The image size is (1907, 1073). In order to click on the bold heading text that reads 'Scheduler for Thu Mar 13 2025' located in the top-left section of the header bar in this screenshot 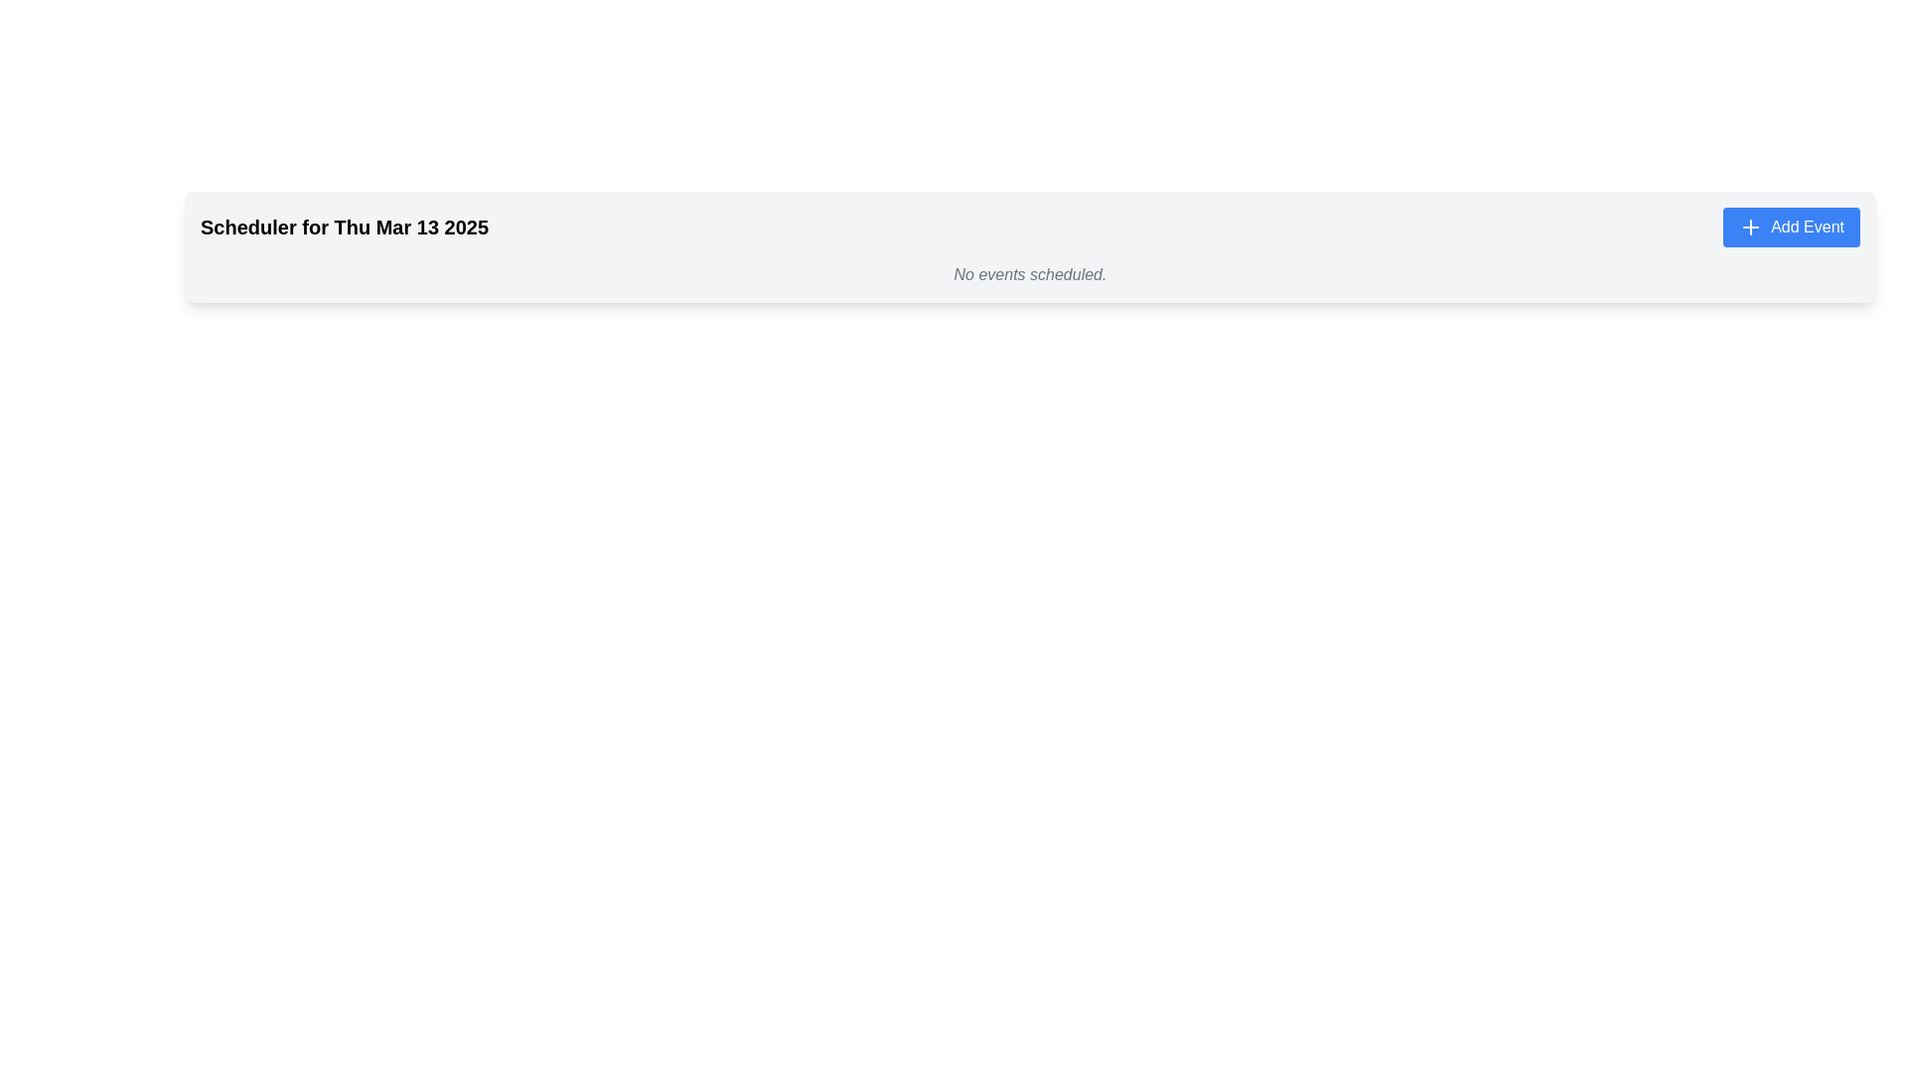, I will do `click(345, 226)`.